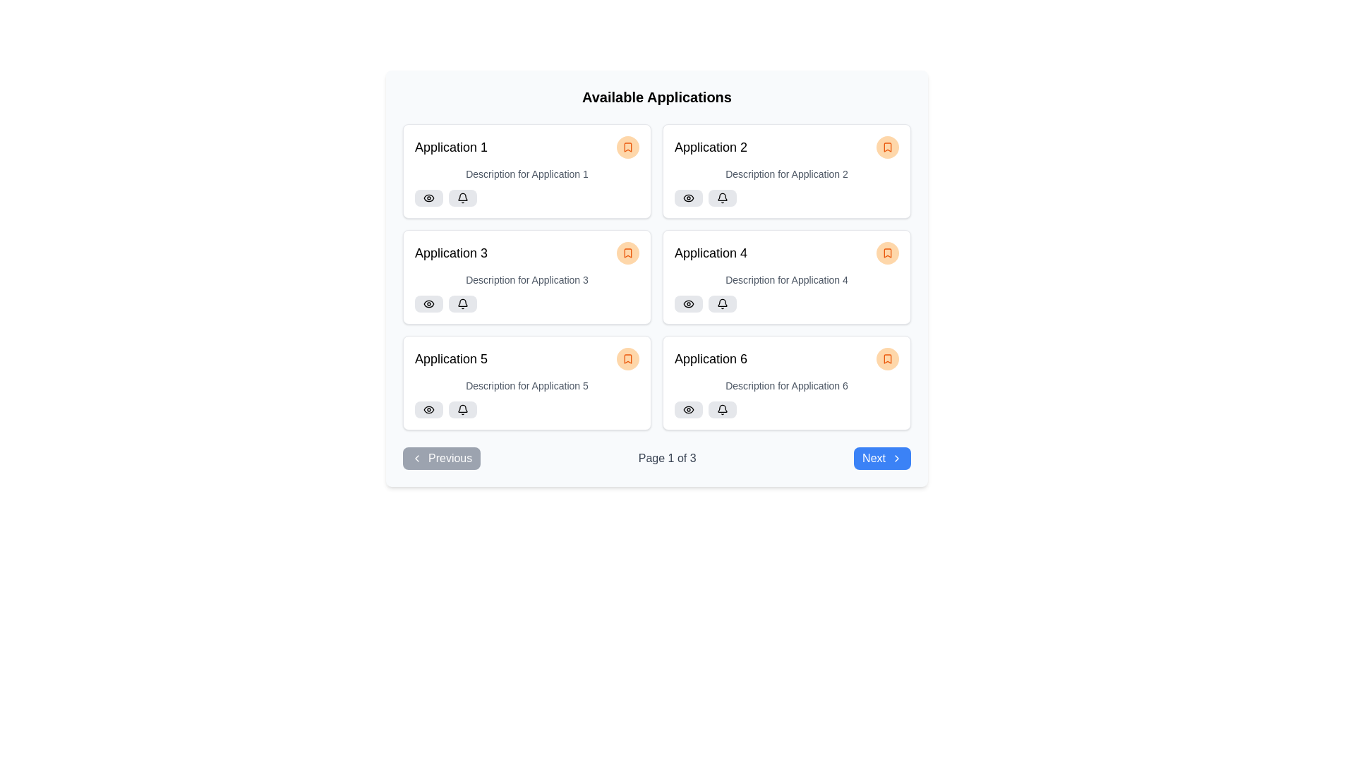 The image size is (1355, 762). What do you see at coordinates (722, 302) in the screenshot?
I see `the notification icon located below the description text of 'Application 4', positioned in the second row and second column of the application grid layout` at bounding box center [722, 302].